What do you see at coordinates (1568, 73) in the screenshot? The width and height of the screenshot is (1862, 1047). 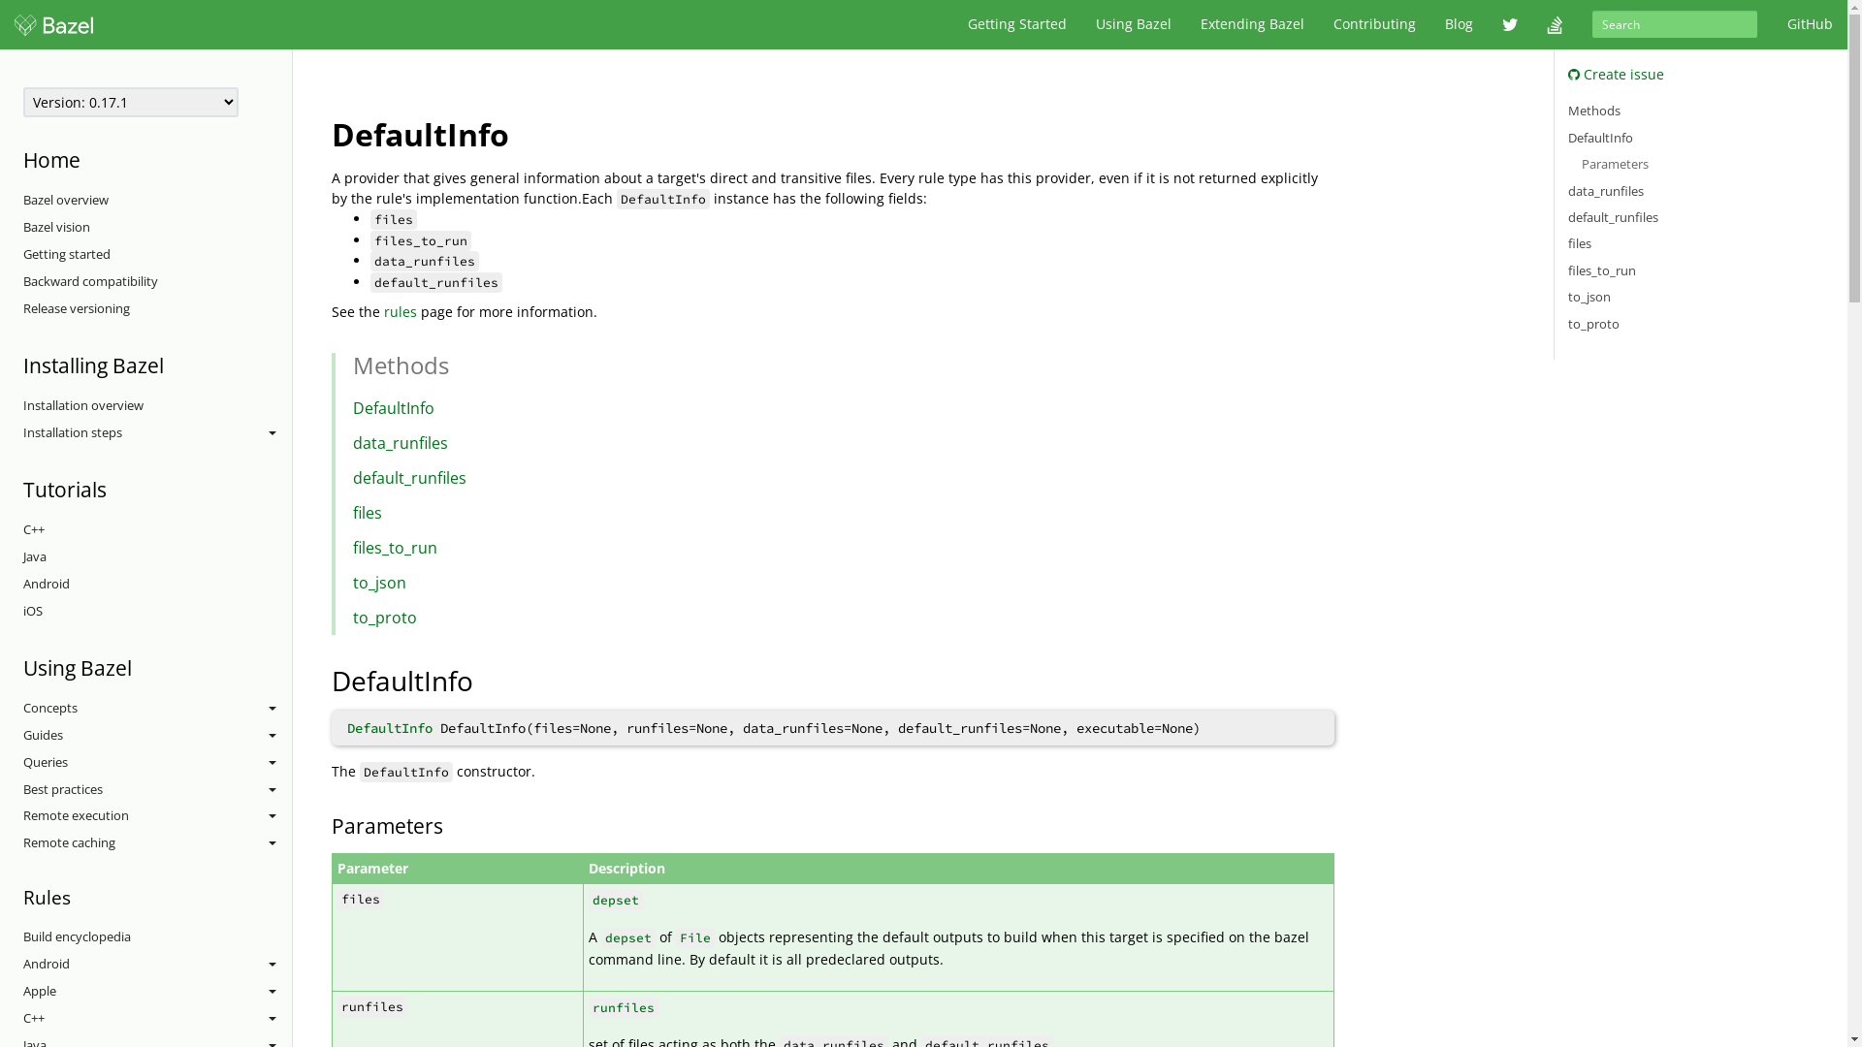 I see `'Create issue'` at bounding box center [1568, 73].